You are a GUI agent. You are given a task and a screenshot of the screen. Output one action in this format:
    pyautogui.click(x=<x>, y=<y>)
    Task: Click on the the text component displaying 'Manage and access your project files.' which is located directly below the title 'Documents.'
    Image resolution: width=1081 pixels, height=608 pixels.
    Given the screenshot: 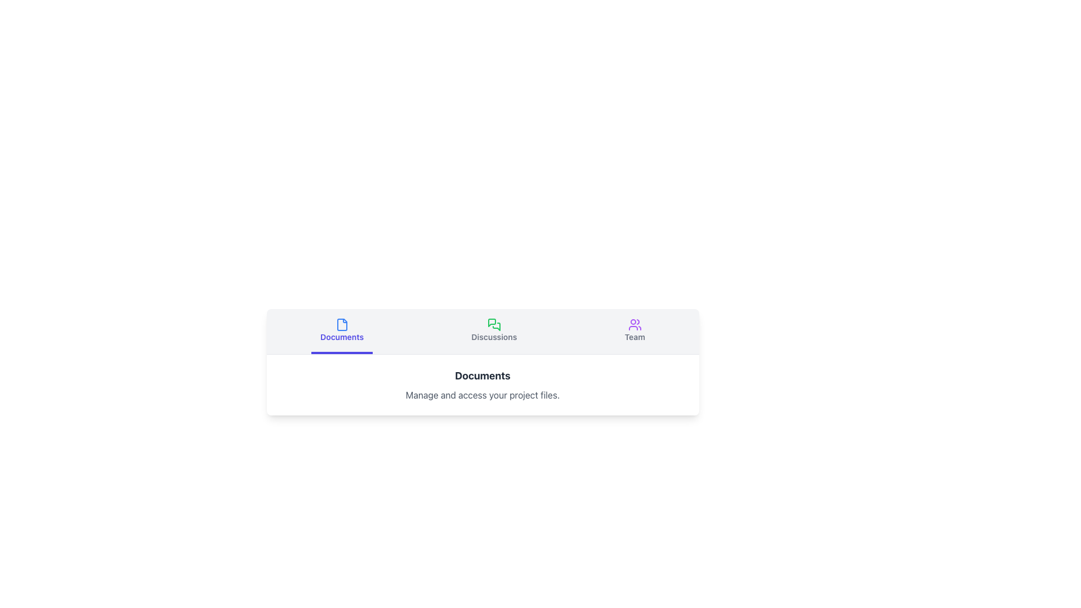 What is the action you would take?
    pyautogui.click(x=483, y=394)
    